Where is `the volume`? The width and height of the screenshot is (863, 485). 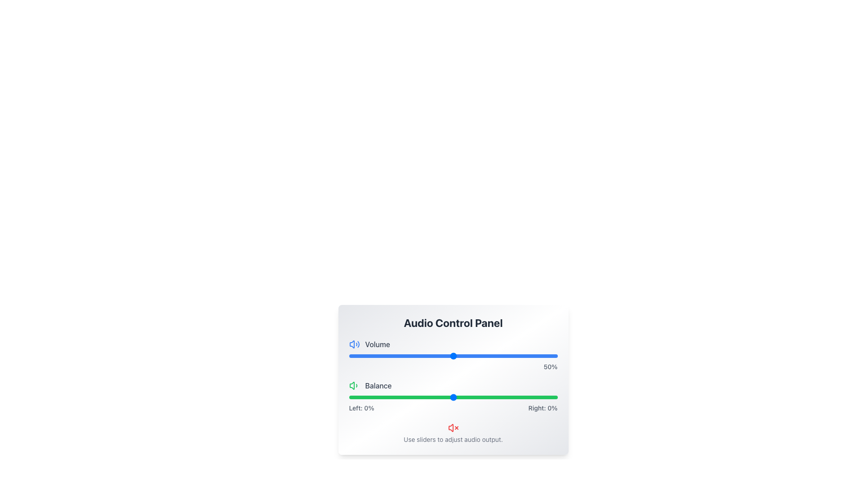 the volume is located at coordinates (361, 356).